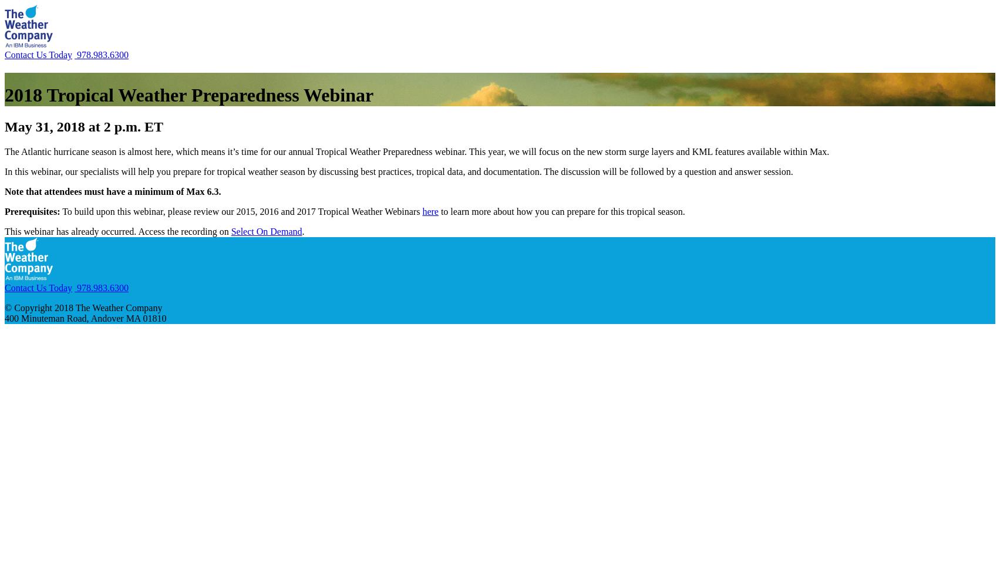 This screenshot has width=1000, height=587. What do you see at coordinates (398, 171) in the screenshot?
I see `'In this webinar, our specialists will help you prepare for tropical weather season by discussing best practices, tropical data, and documentation. The discussion will be followed by a question and answer session.'` at bounding box center [398, 171].